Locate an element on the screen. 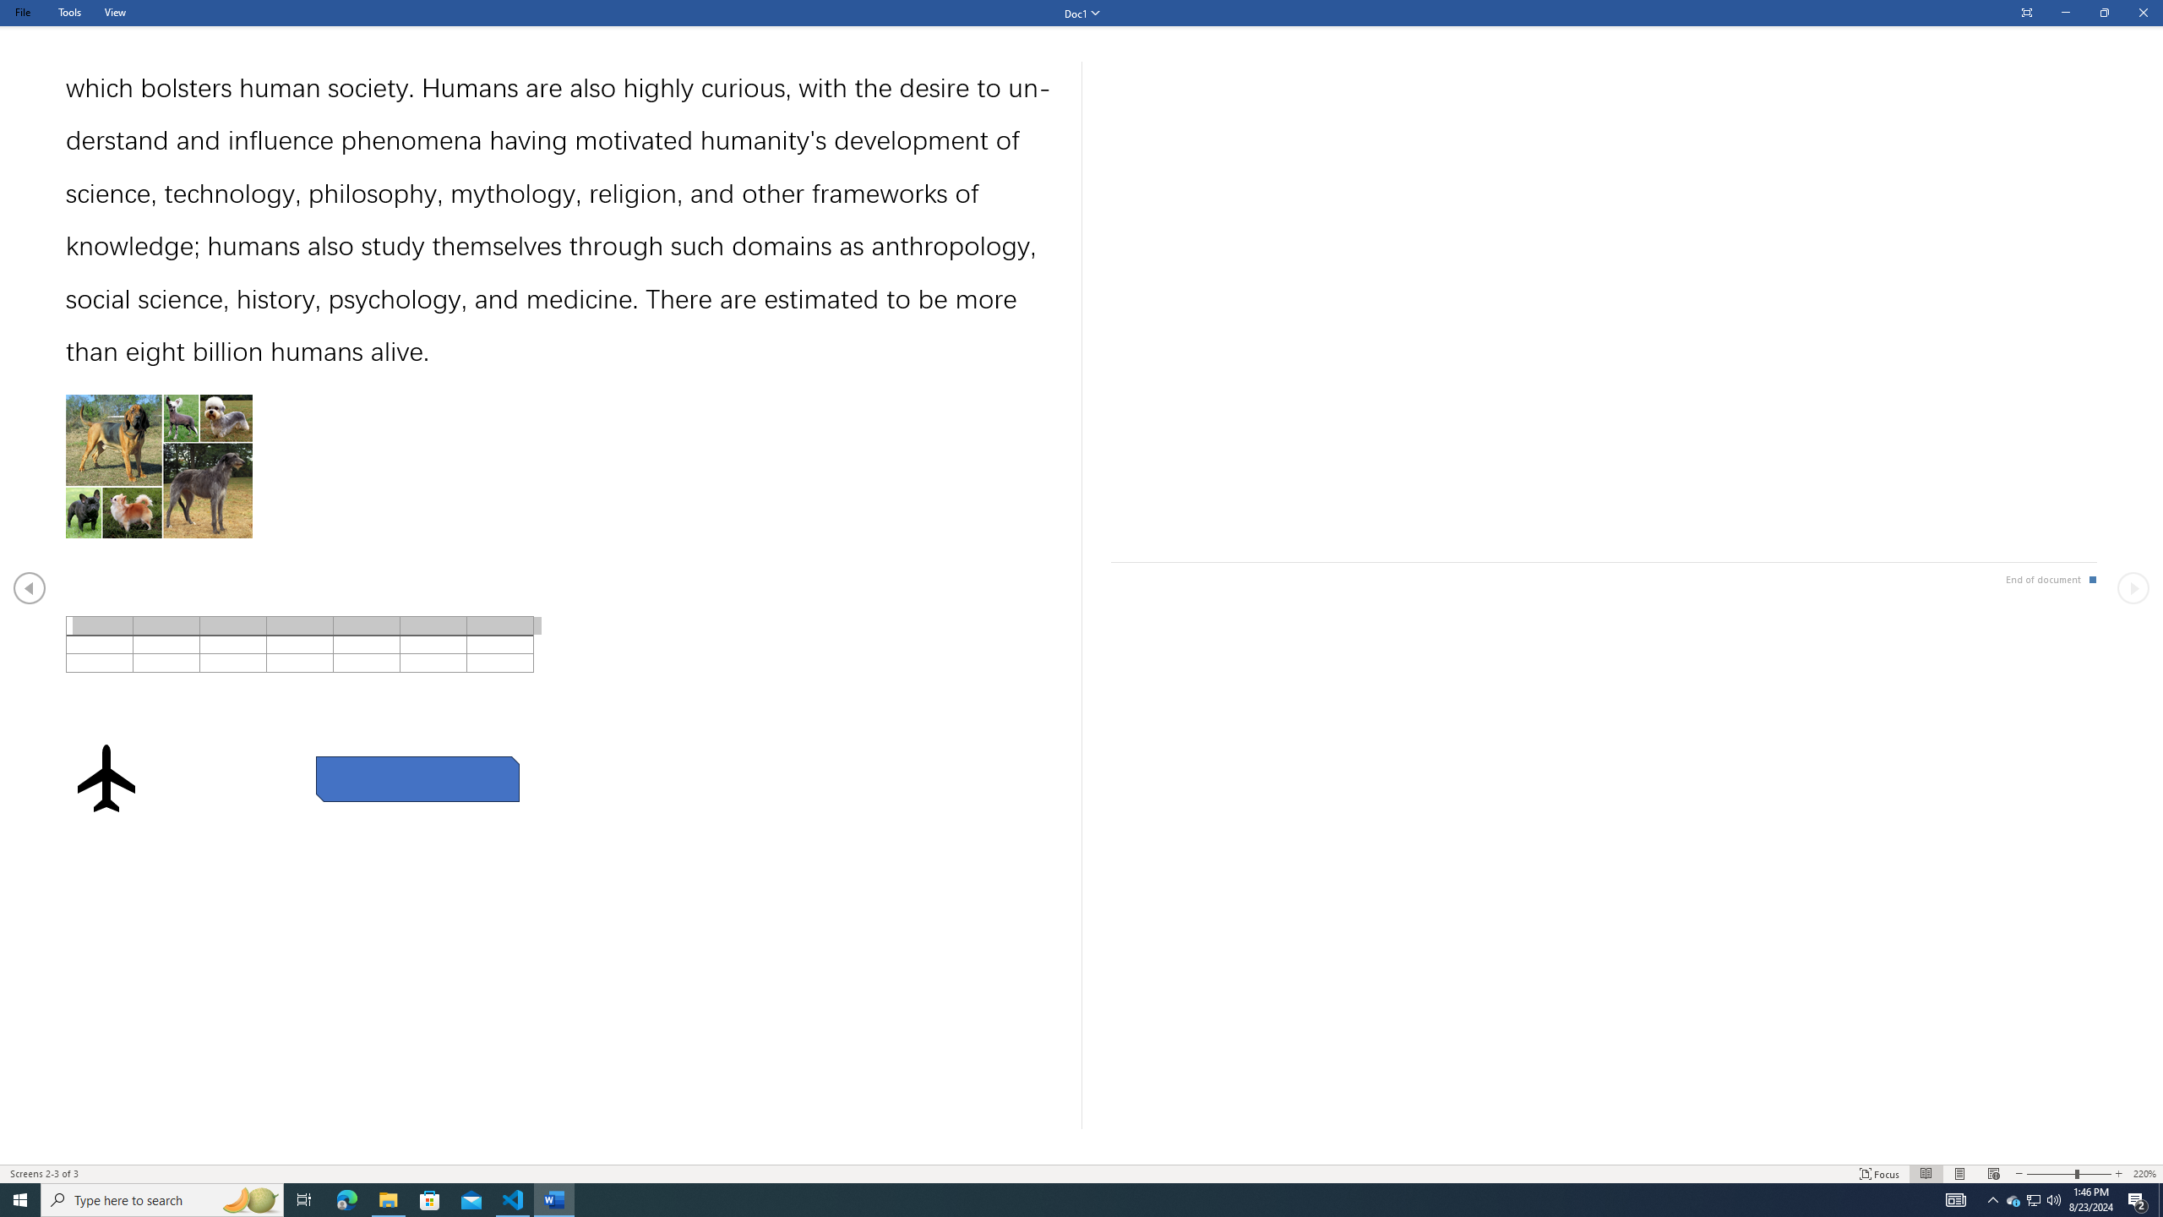  'Morphological variation in six dogs' is located at coordinates (158, 466).